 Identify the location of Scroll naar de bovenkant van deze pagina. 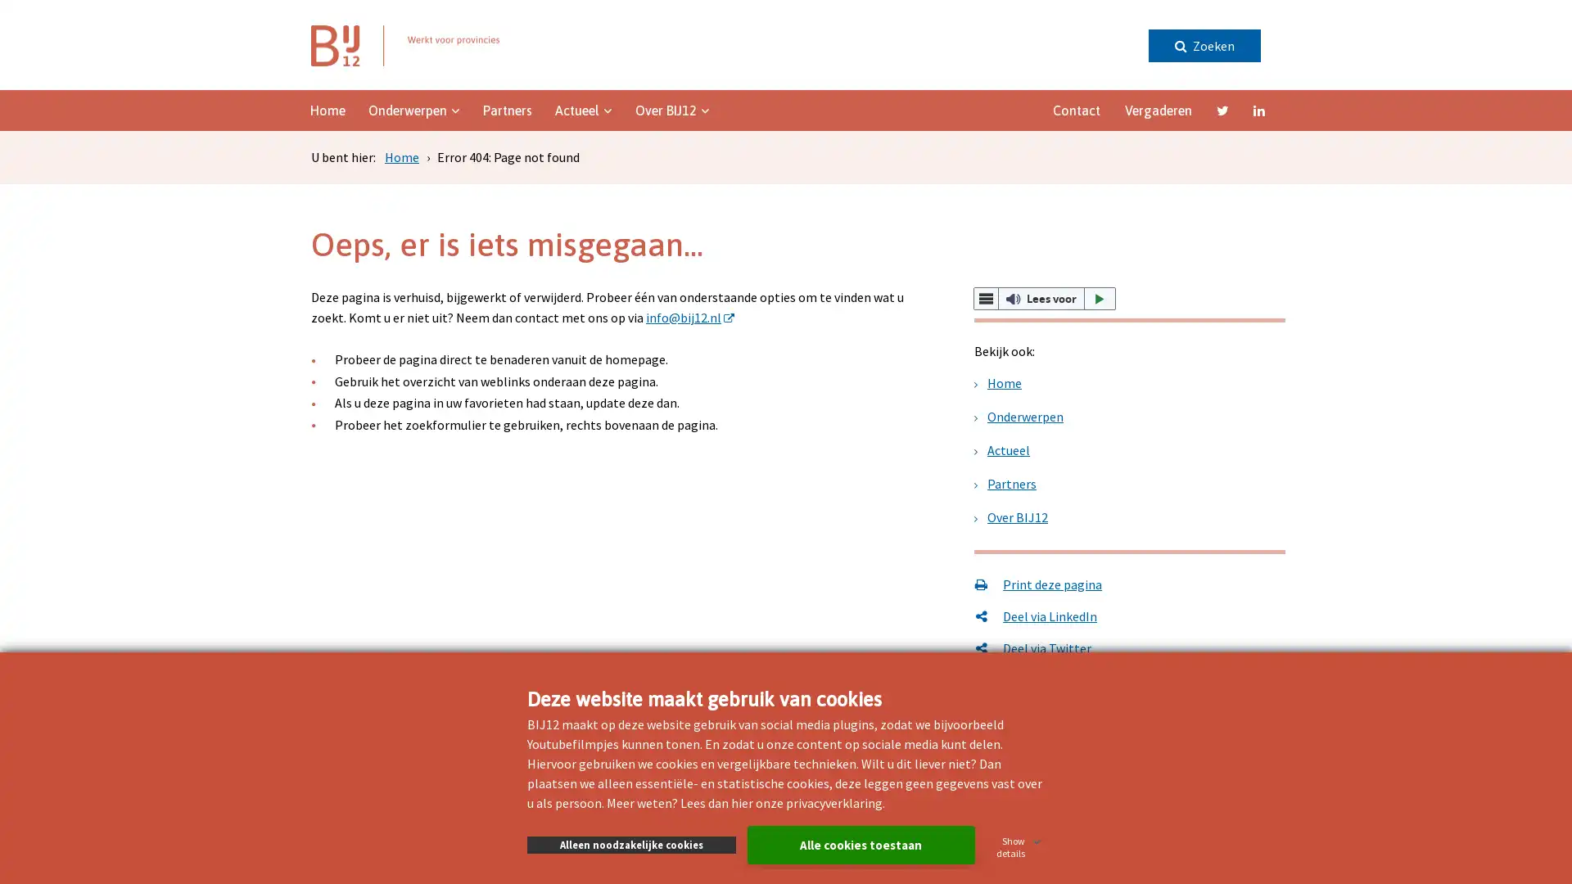
(1511, 419).